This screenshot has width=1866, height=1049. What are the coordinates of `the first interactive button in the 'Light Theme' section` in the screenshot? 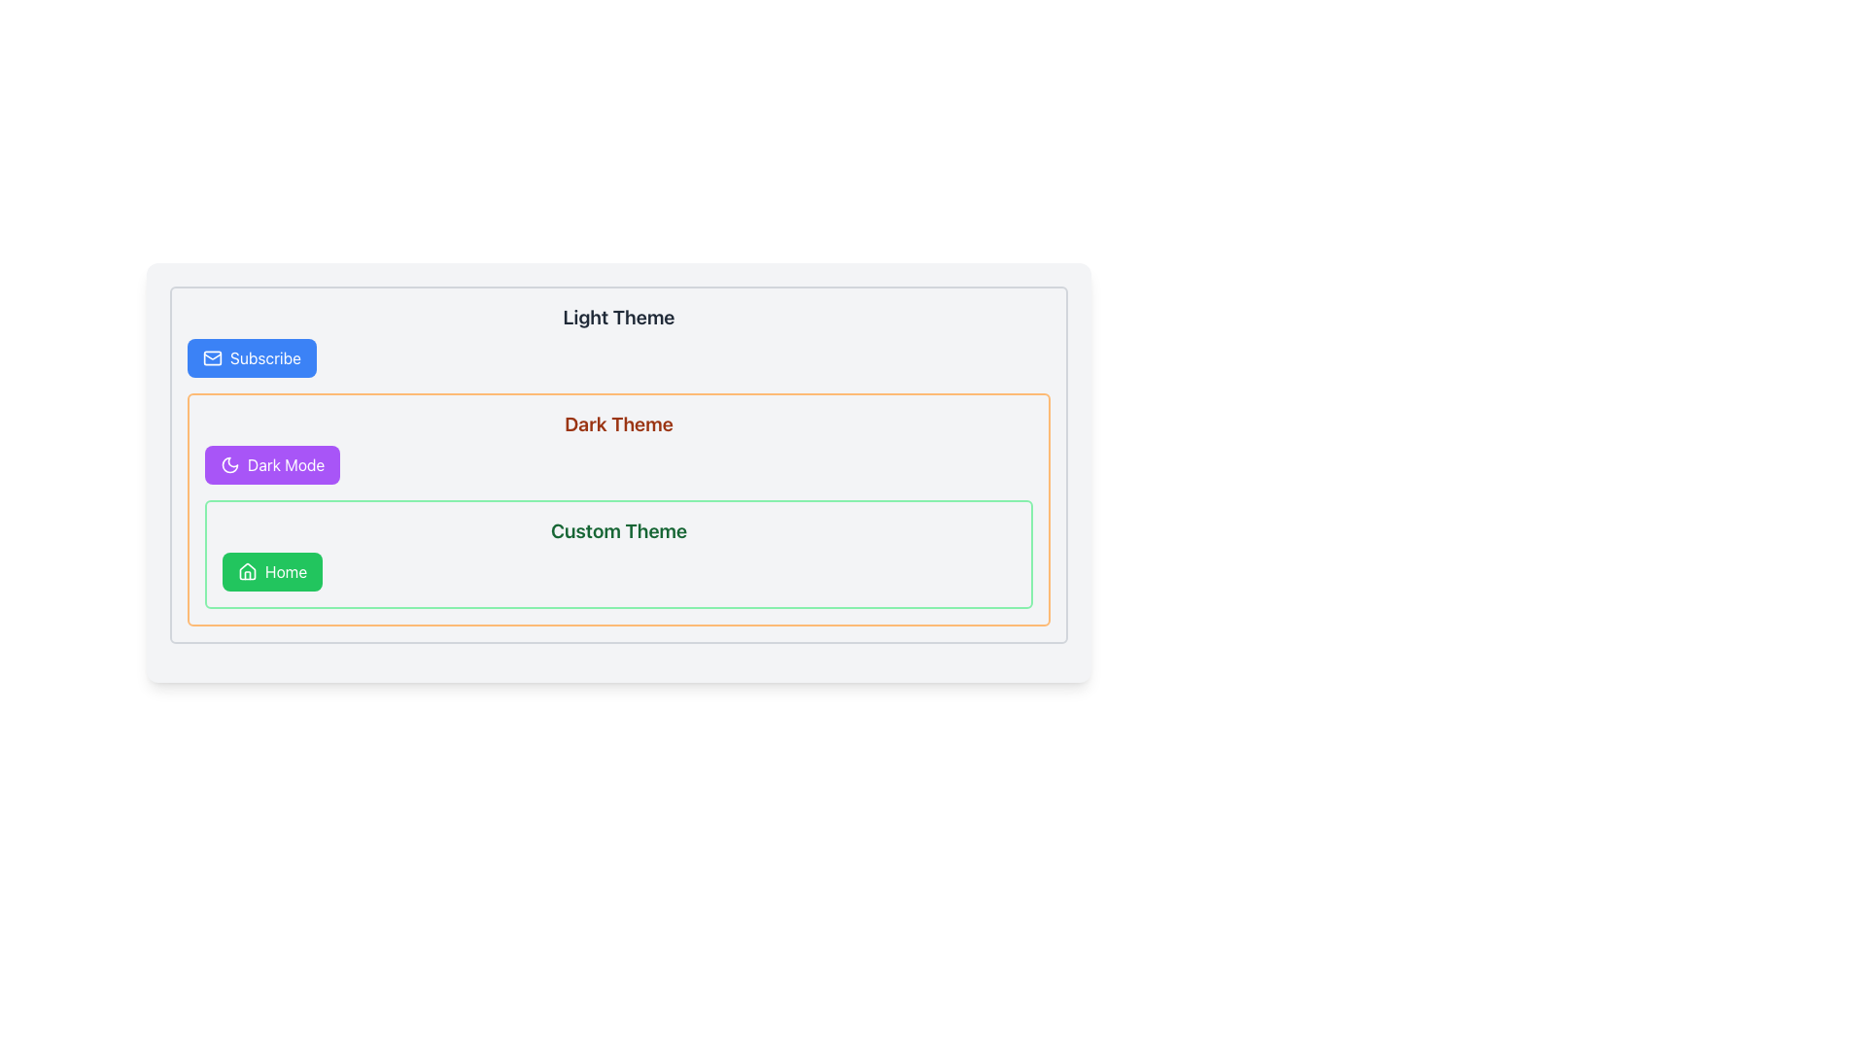 It's located at (251, 358).